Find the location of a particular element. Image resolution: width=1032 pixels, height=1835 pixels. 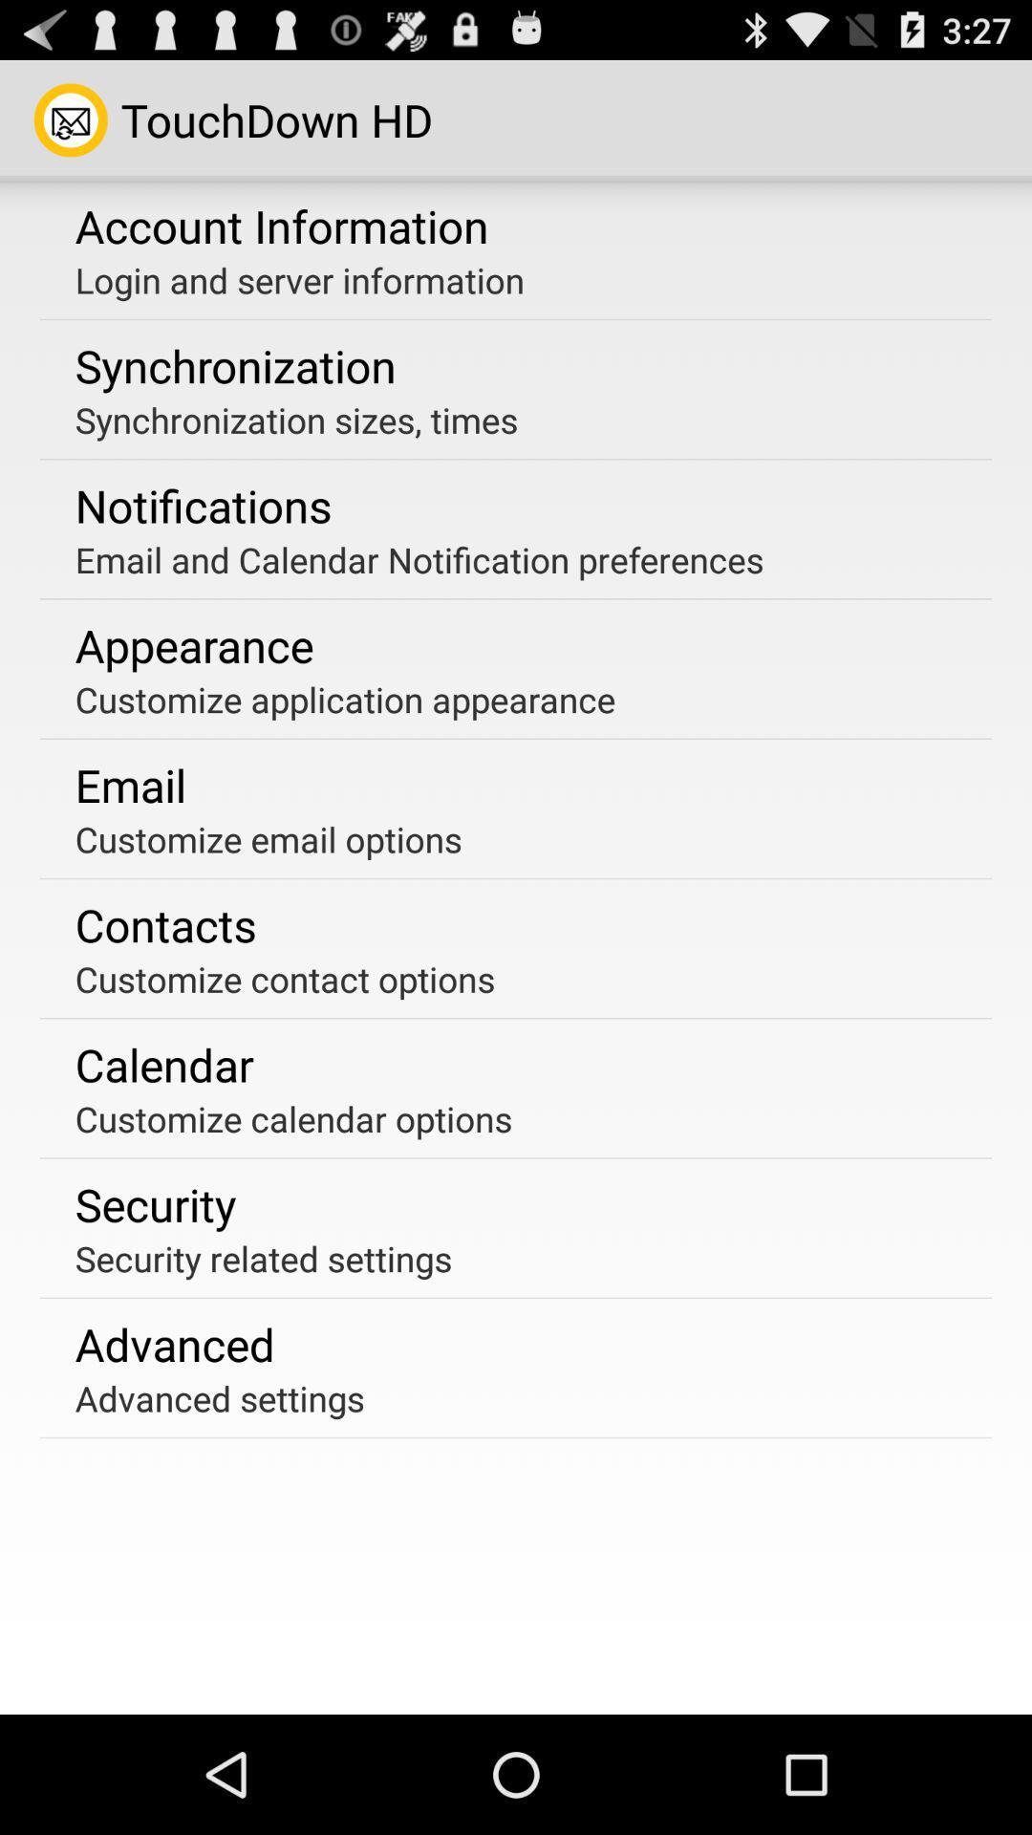

customize application appearance app is located at coordinates (345, 699).